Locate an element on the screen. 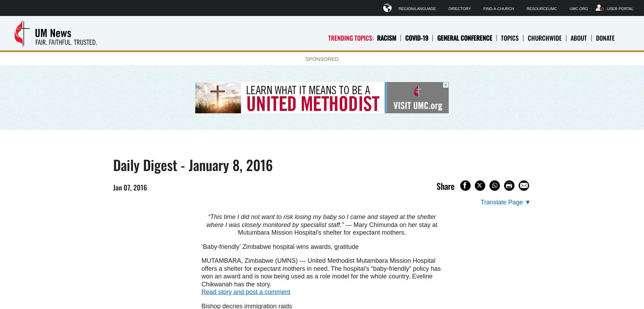  'Churchwide' is located at coordinates (527, 37).